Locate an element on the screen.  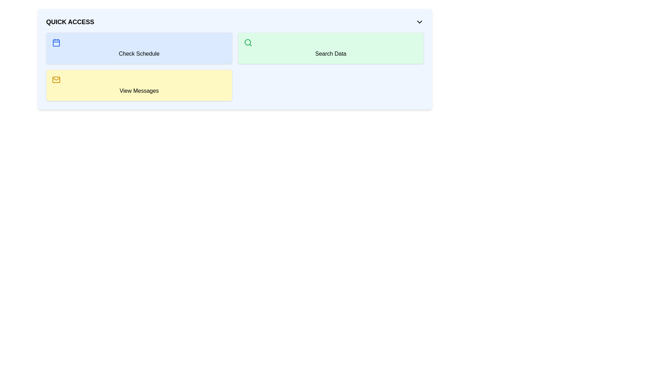
the circular SVG element of the search icon within the green 'Search Data' button located in the top-right of the 'Quick Access' section is located at coordinates (247, 42).